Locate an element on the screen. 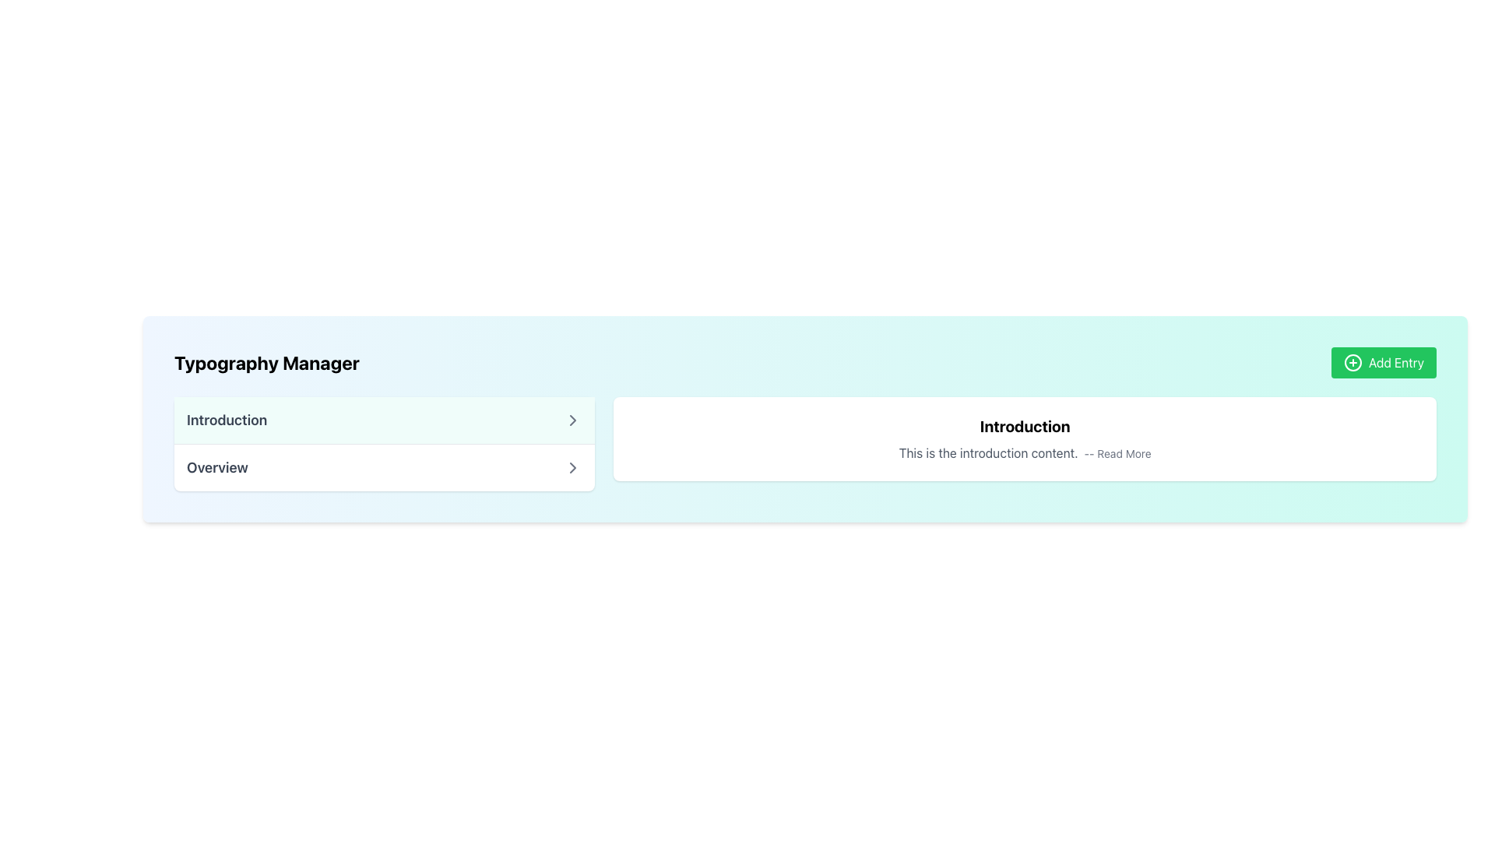 The height and width of the screenshot is (841, 1495). the first List Item in the Typography Manager is located at coordinates (385, 420).